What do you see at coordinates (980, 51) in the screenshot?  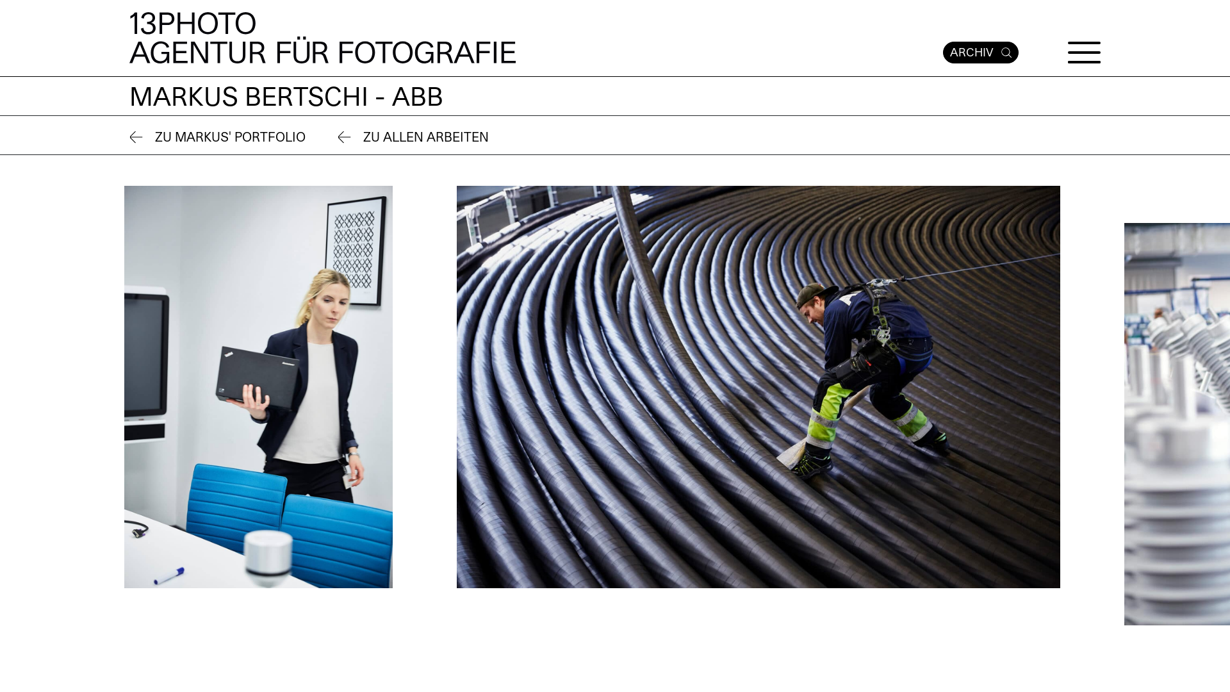 I see `'ARCHIV'` at bounding box center [980, 51].